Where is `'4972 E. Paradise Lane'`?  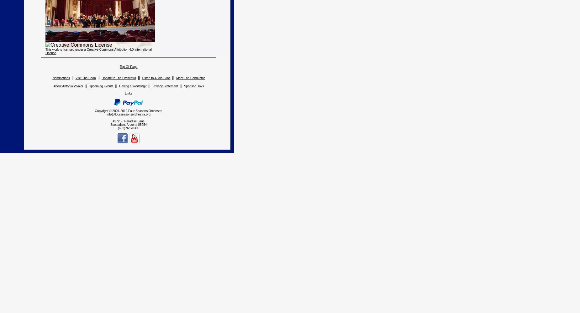 '4972 E. Paradise Lane' is located at coordinates (128, 121).